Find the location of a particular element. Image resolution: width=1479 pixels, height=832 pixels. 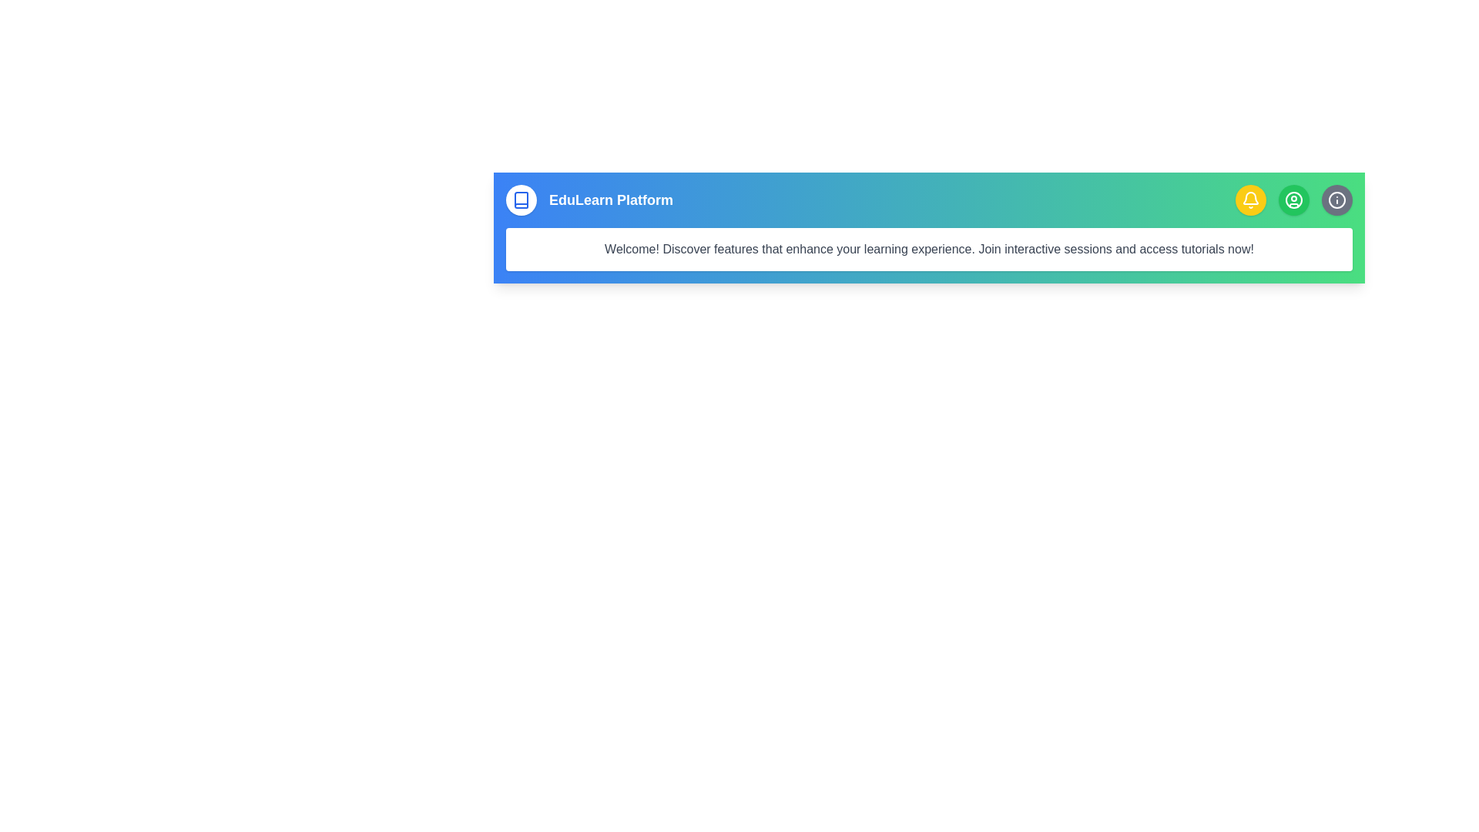

the bell icon button to view notifications is located at coordinates (1250, 199).